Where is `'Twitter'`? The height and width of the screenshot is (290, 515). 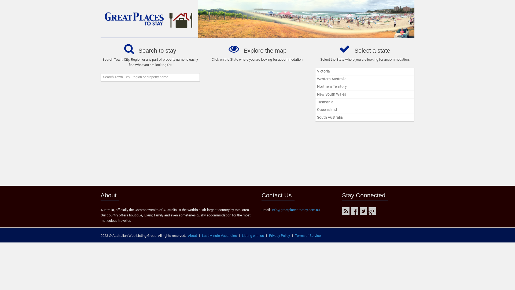 'Twitter' is located at coordinates (363, 211).